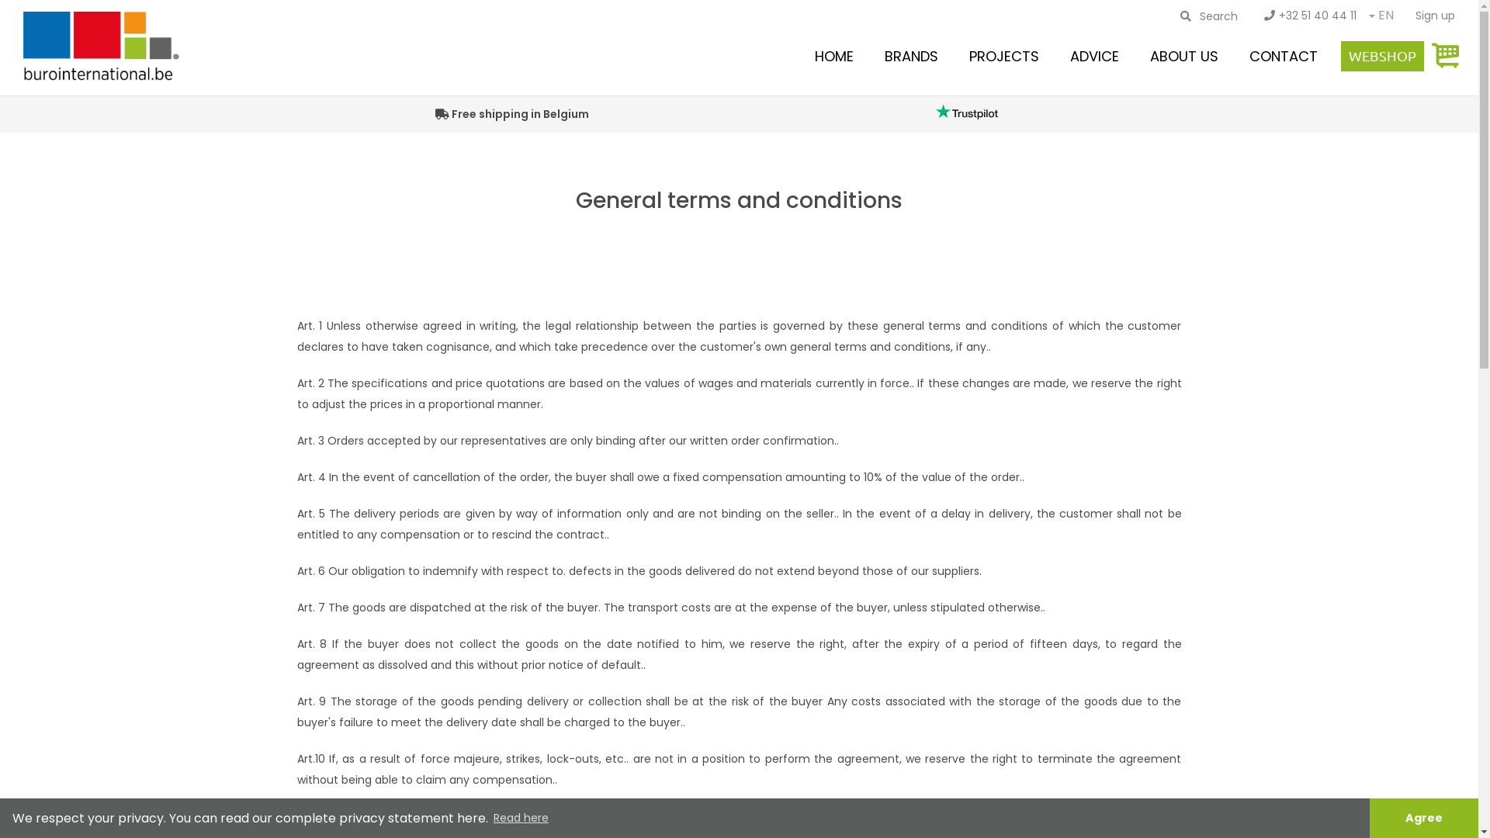 The width and height of the screenshot is (1490, 838). I want to click on '+32 51 40 44 11', so click(1252, 15).